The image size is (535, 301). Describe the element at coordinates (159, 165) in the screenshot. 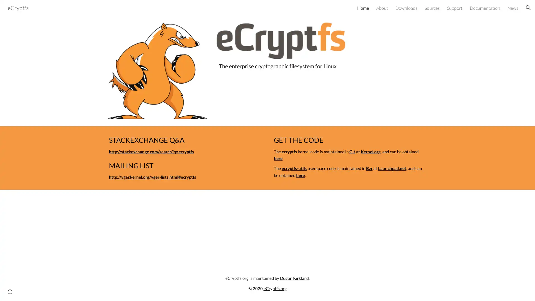

I see `Copy heading link` at that location.